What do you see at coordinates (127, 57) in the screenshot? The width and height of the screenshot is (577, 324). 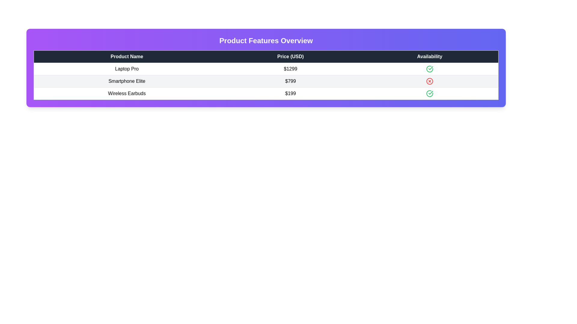 I see `first header cell of the table that lists product names, located at the top-left of the table, to view more details` at bounding box center [127, 57].